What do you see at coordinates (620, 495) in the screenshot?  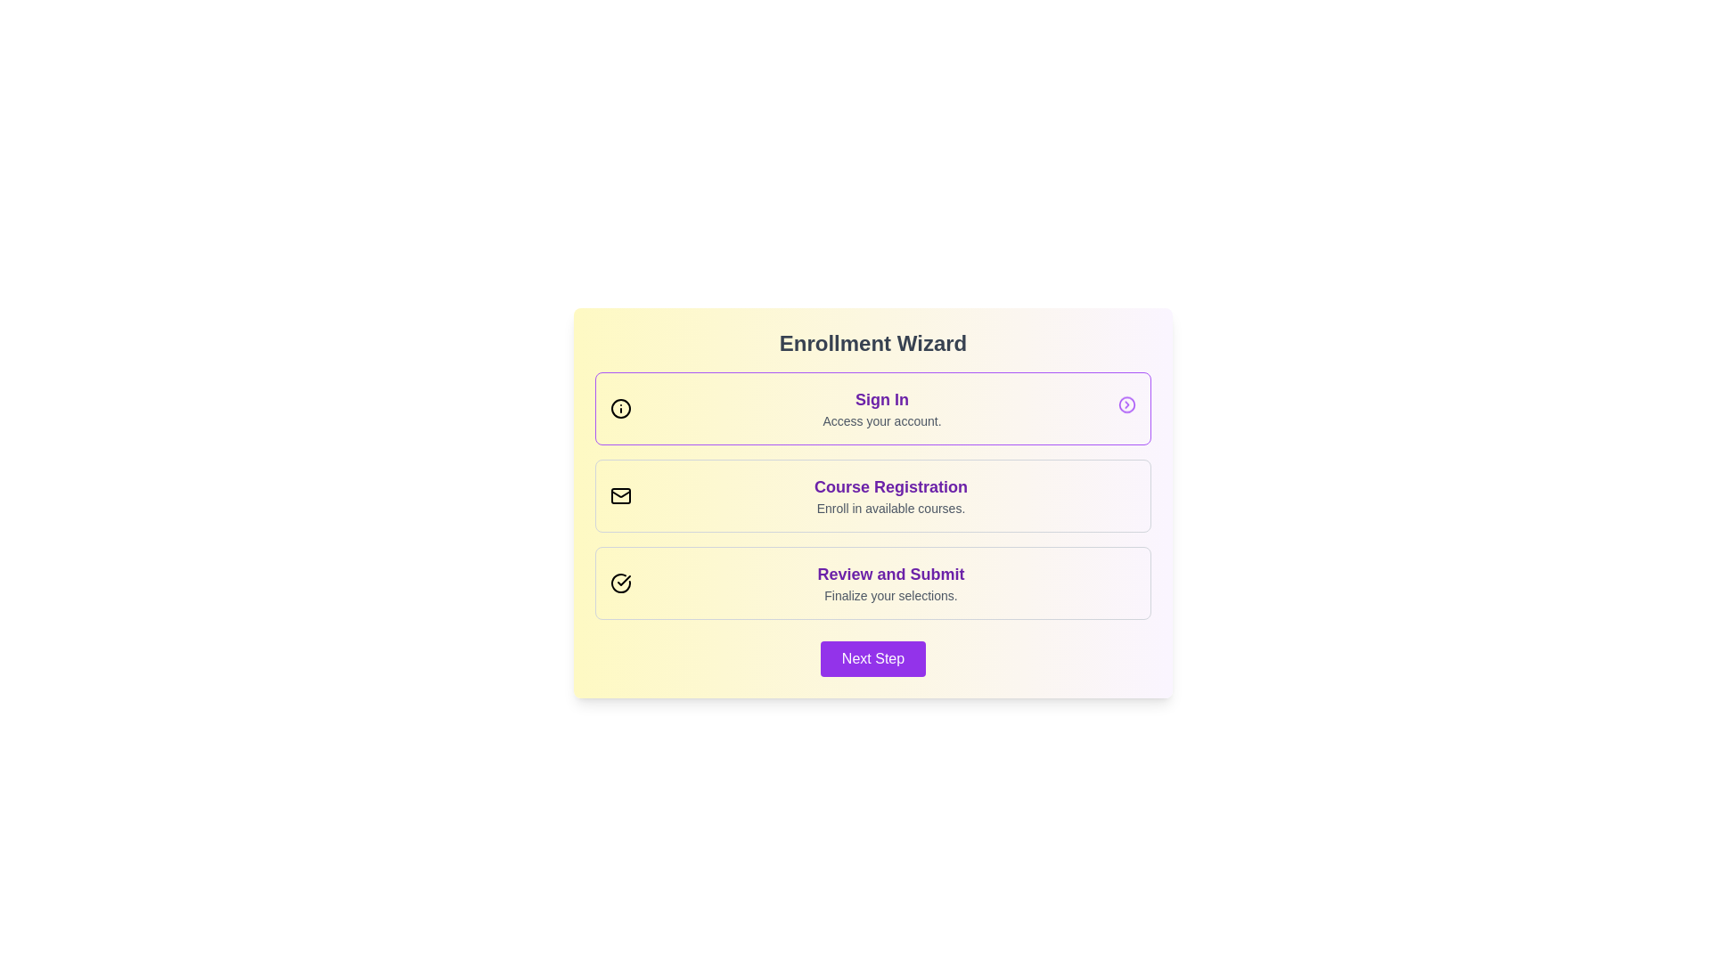 I see `the mail icon represented as a rectangular envelope component with rounded corners, located in the second row of the wizard interface next to the 'Course Registration' option` at bounding box center [620, 495].